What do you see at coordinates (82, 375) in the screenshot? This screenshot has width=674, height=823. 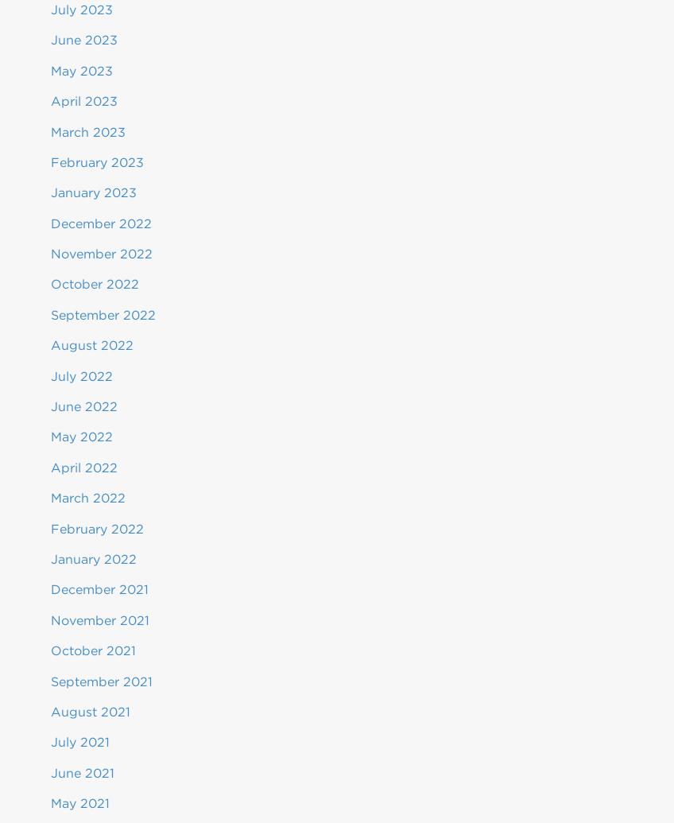 I see `'July 2022'` at bounding box center [82, 375].